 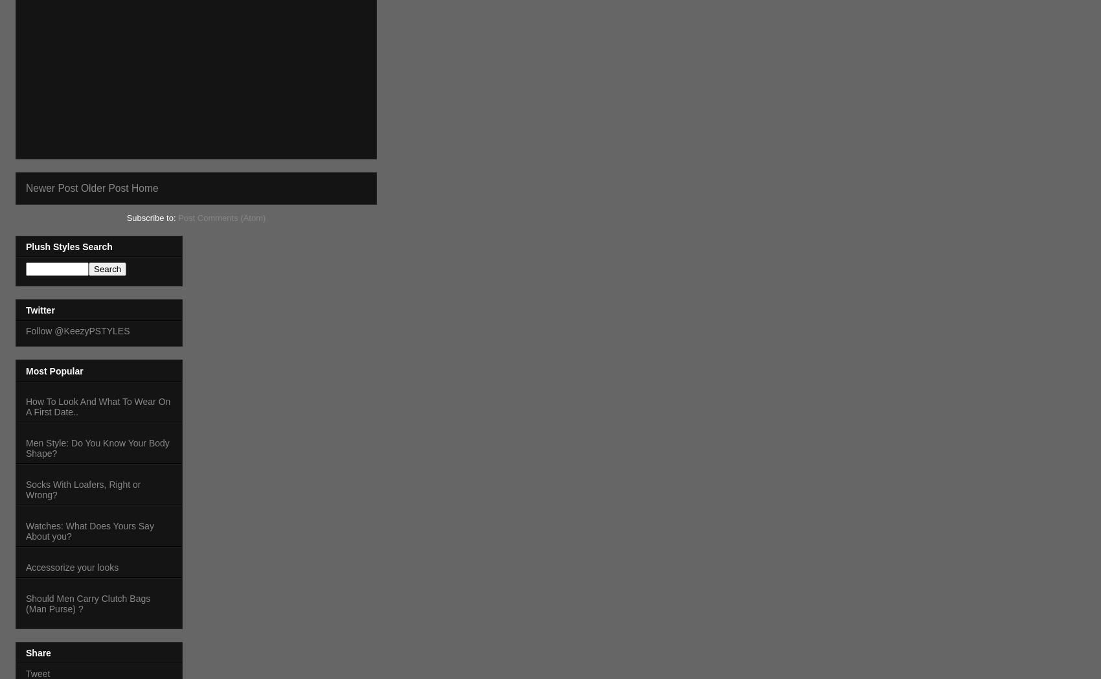 What do you see at coordinates (82, 489) in the screenshot?
I see `'Socks With Loafers, Right or Wrong?'` at bounding box center [82, 489].